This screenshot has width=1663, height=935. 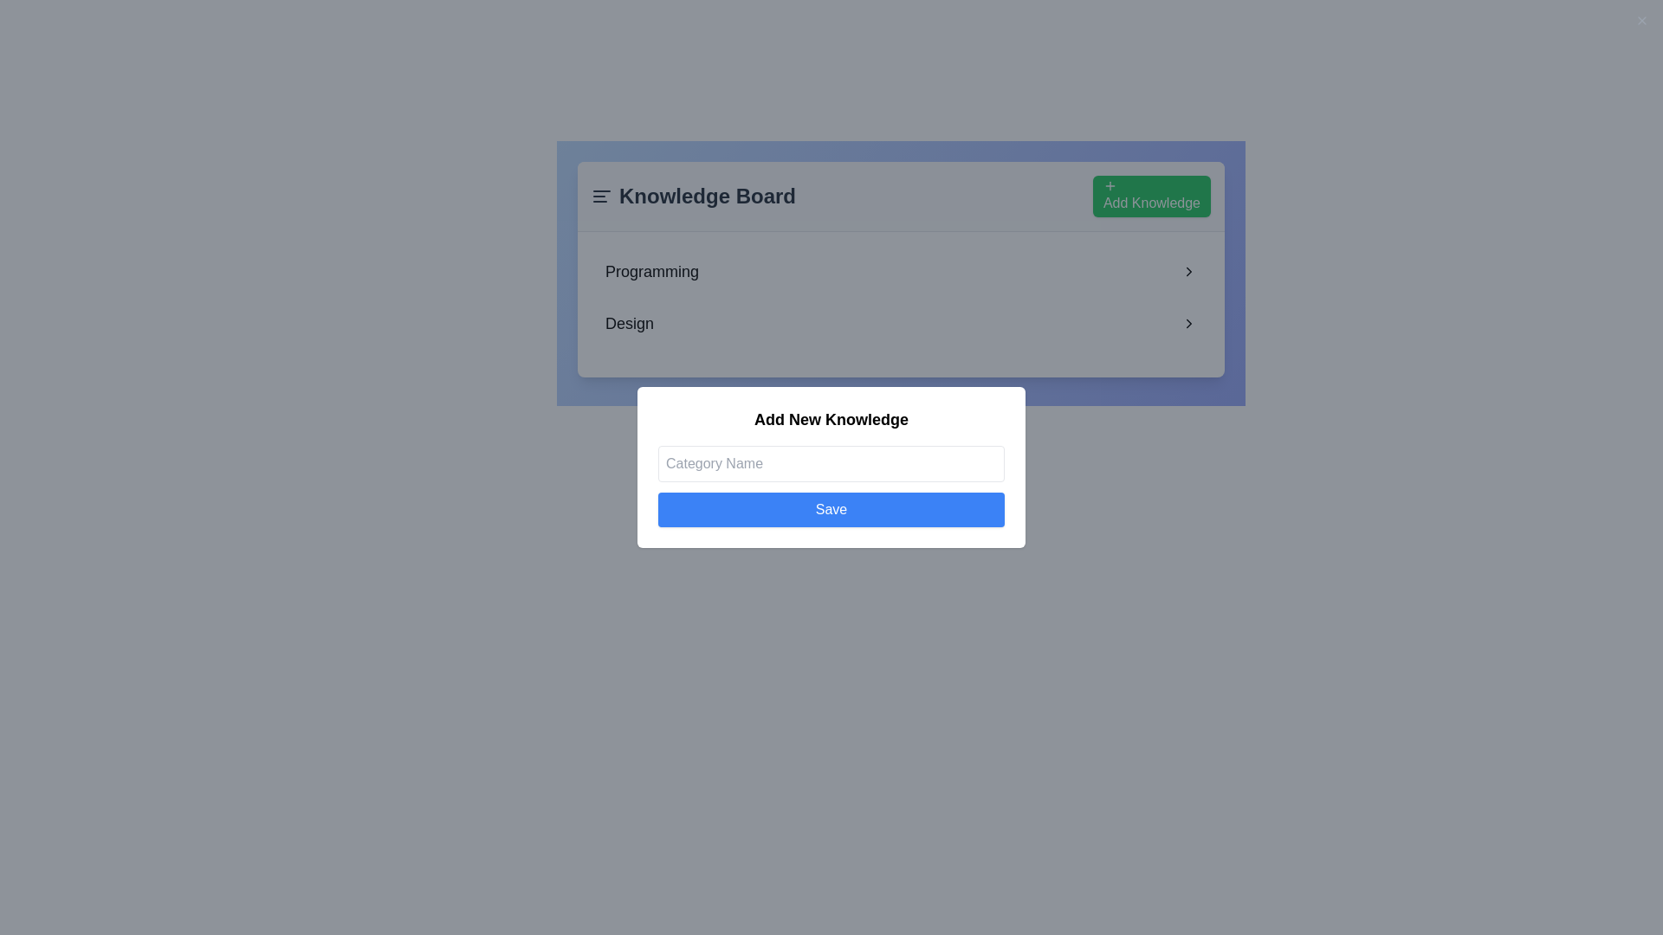 I want to click on displayed text from the prominent text label showing 'Programming', which is the first item in the list under 'Knowledge Board', so click(x=651, y=271).